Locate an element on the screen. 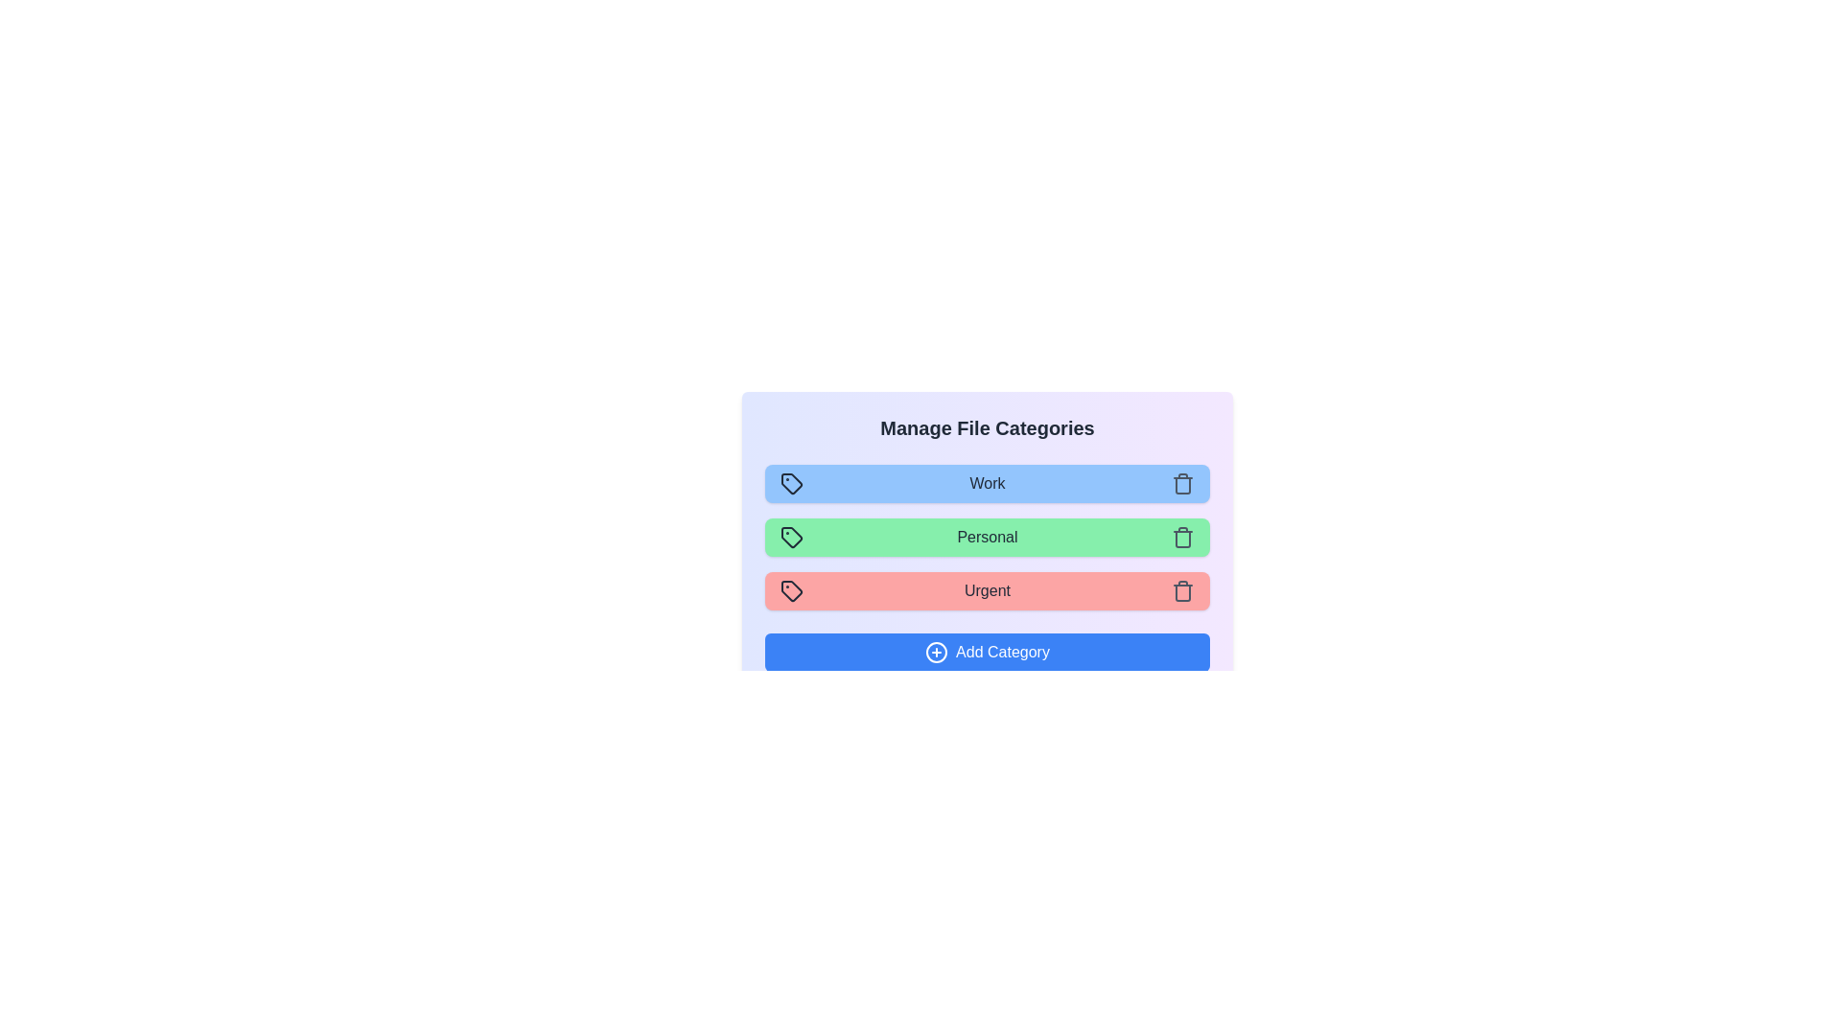  the category named Personal is located at coordinates (988, 537).